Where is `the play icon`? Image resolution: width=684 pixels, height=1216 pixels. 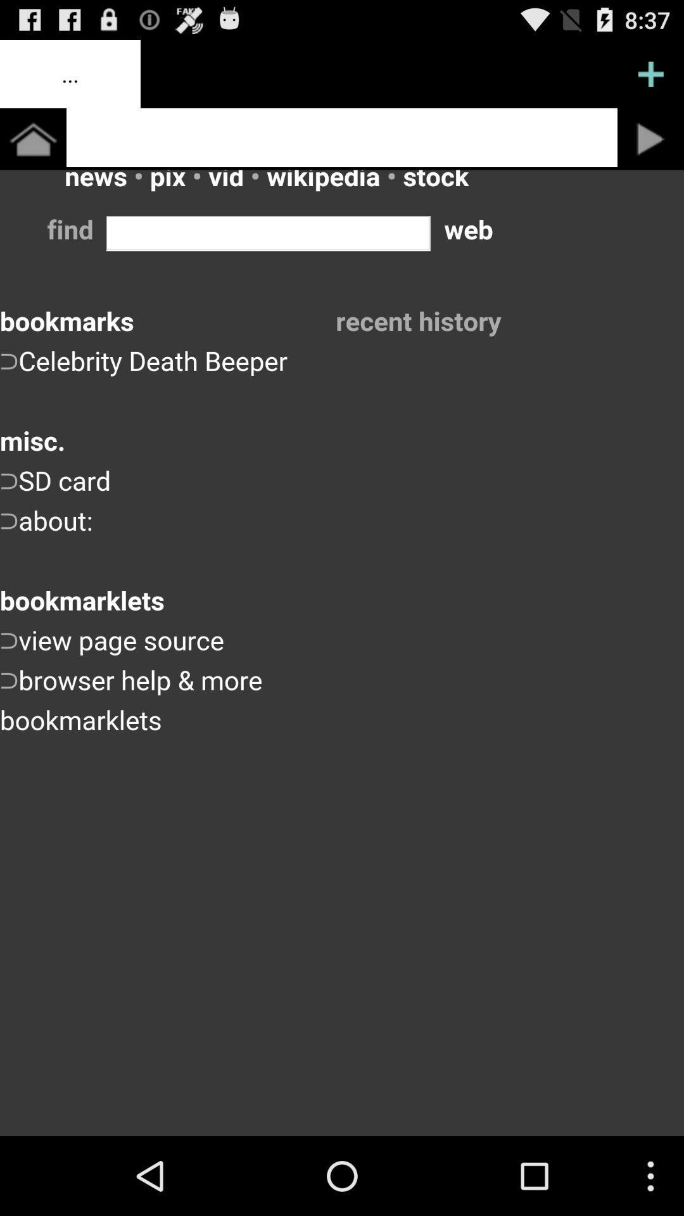
the play icon is located at coordinates (650, 149).